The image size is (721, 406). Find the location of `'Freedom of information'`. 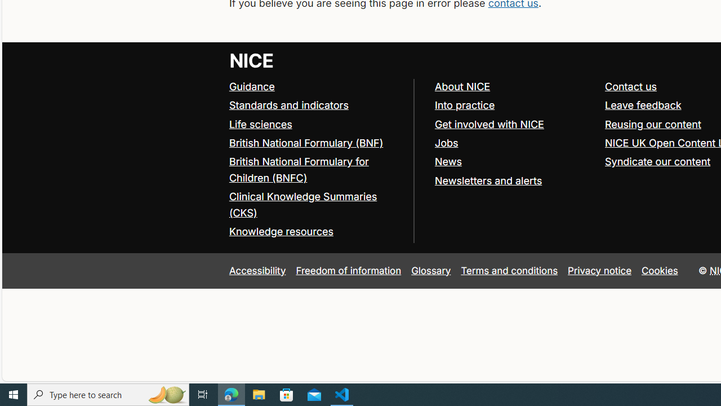

'Freedom of information' is located at coordinates (348, 270).